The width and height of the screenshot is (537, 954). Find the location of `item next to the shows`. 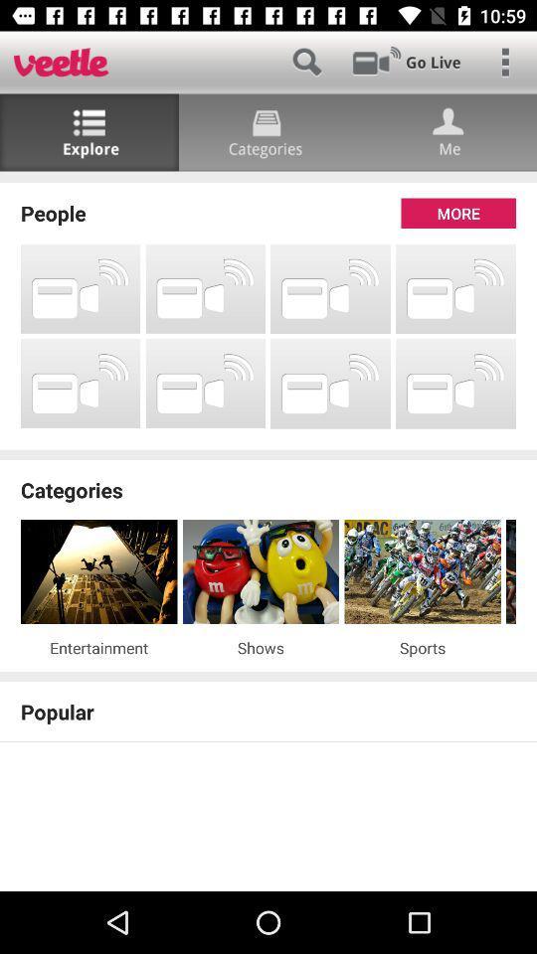

item next to the shows is located at coordinates (422, 646).